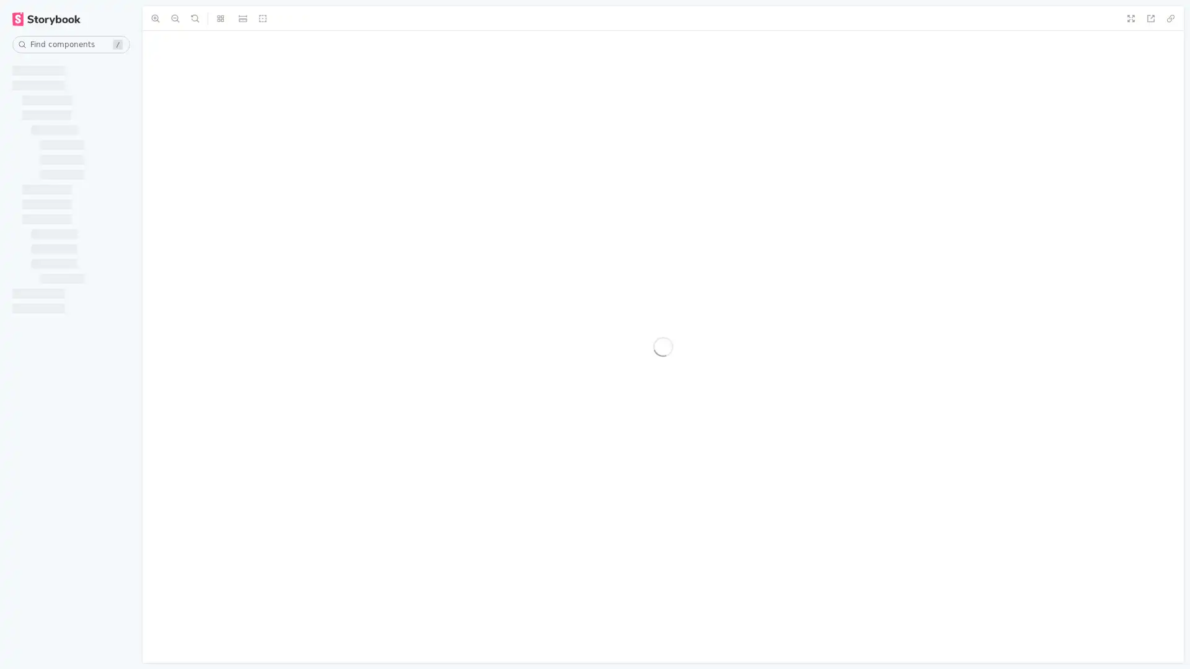 The image size is (1190, 669). I want to click on Canvas, so click(165, 19).